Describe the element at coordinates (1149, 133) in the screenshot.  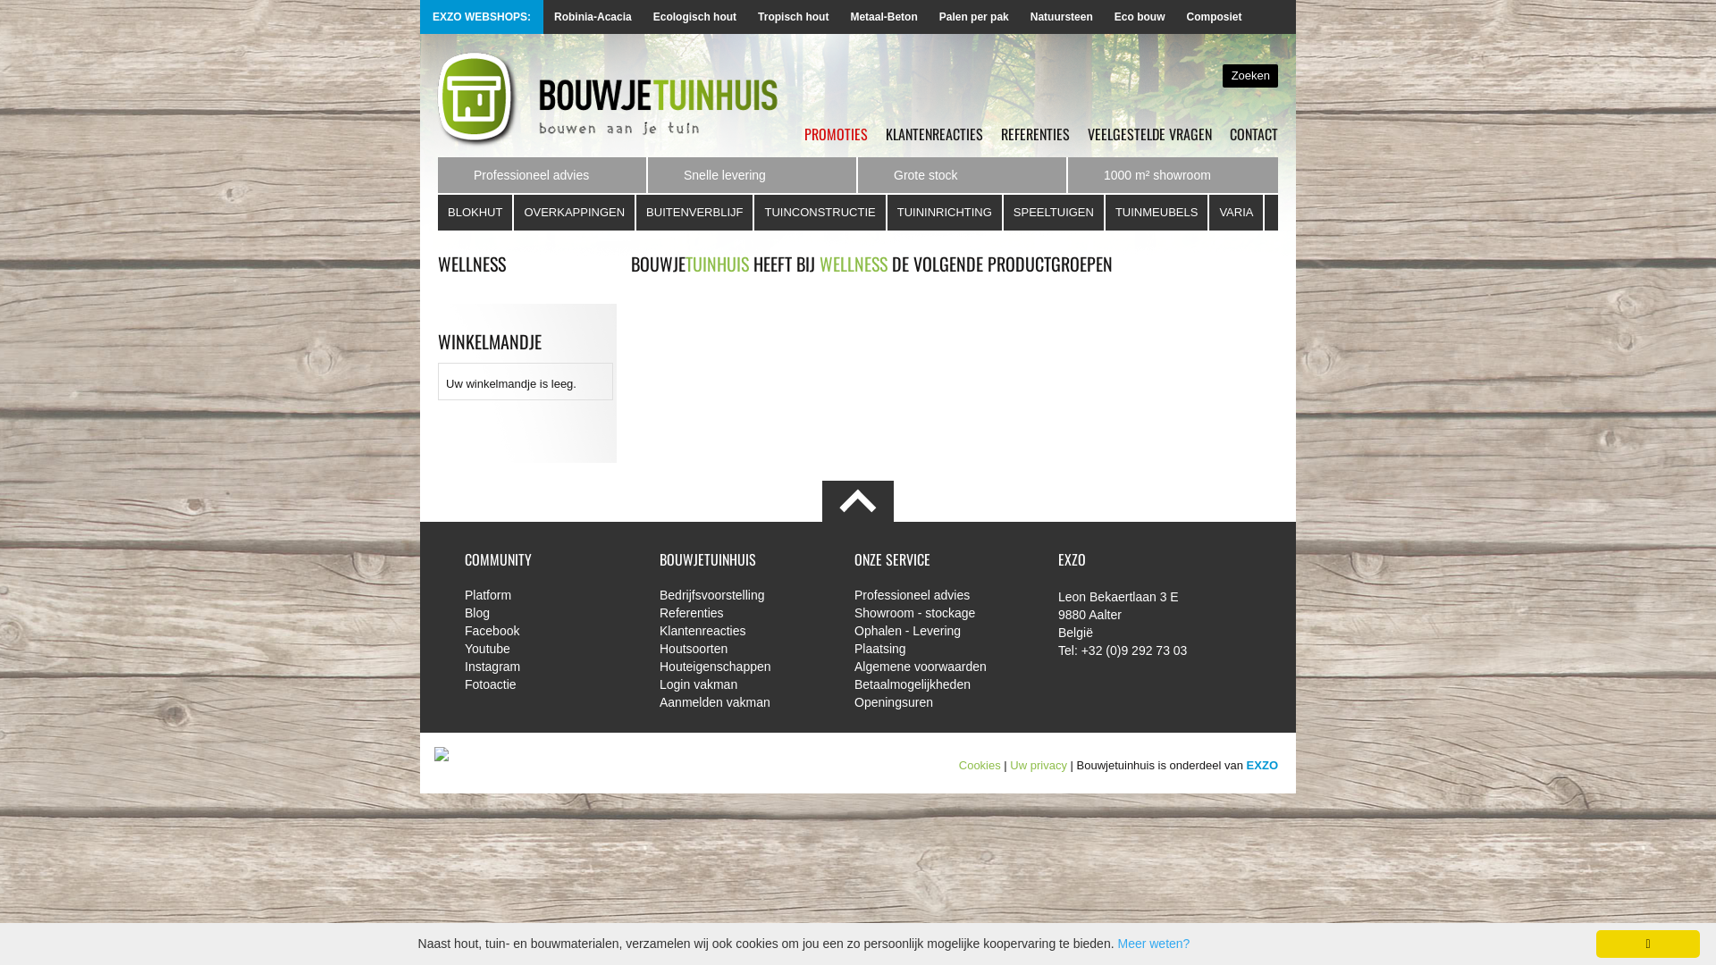
I see `'VEELGESTELDE VRAGEN'` at that location.